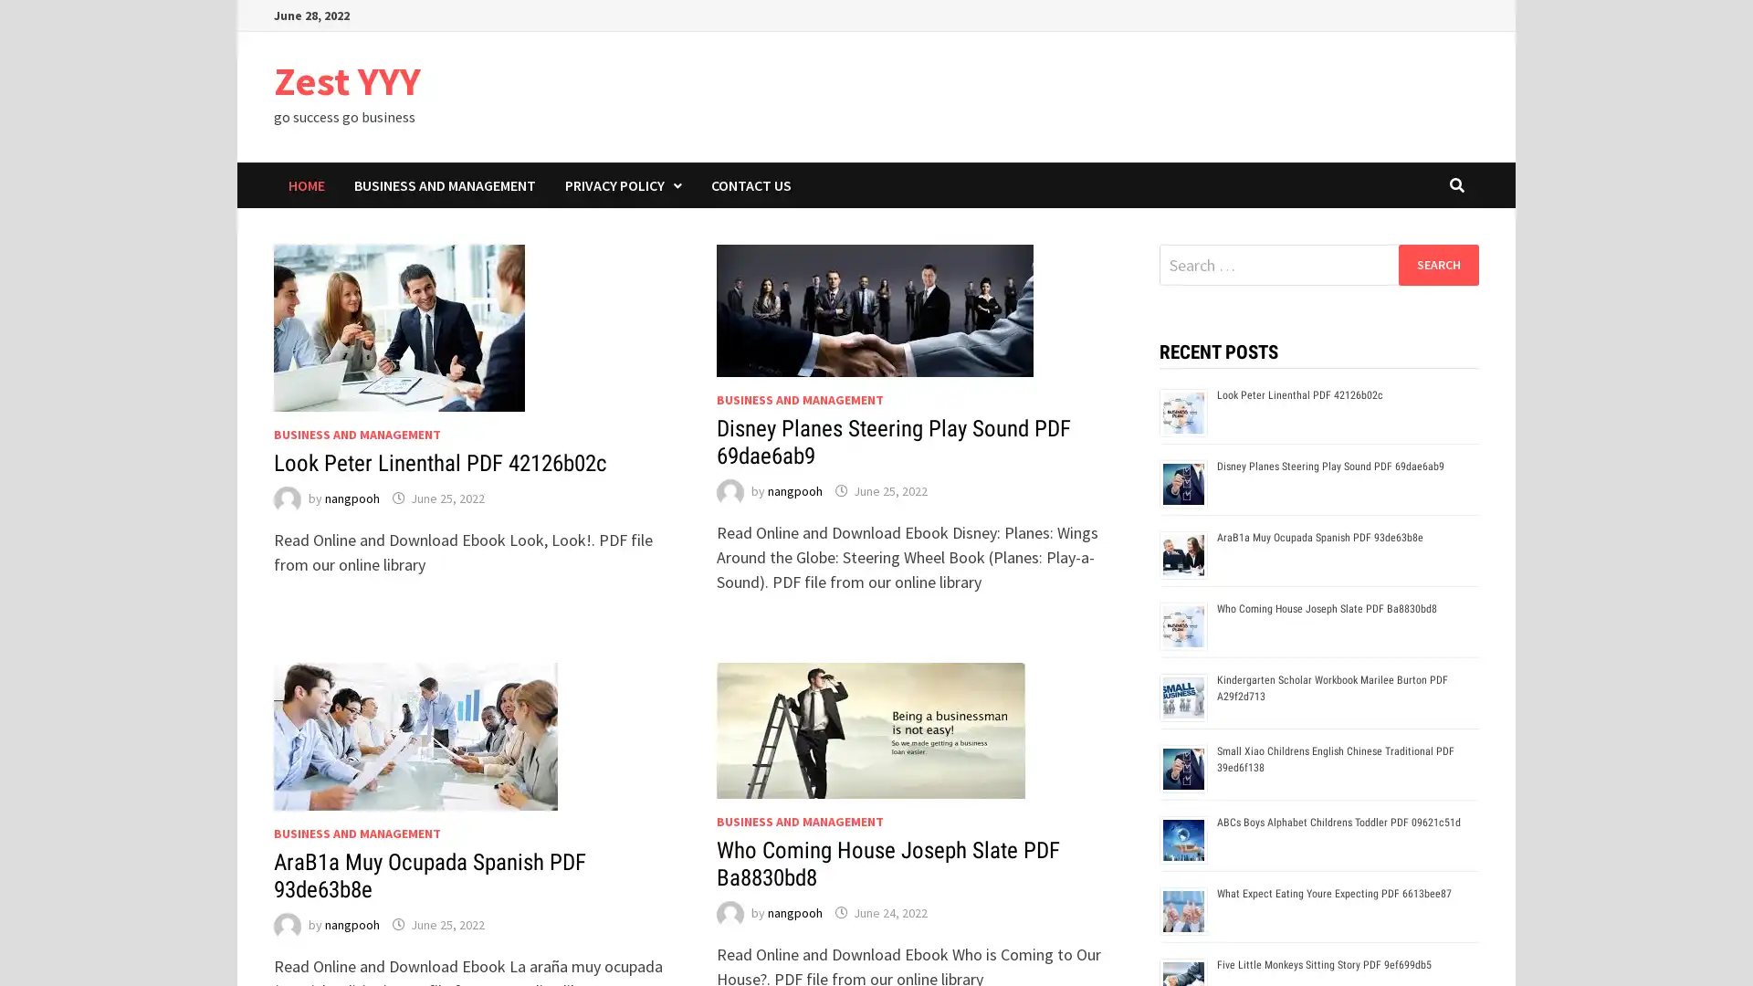 The image size is (1753, 986). What do you see at coordinates (1437, 264) in the screenshot?
I see `Search` at bounding box center [1437, 264].